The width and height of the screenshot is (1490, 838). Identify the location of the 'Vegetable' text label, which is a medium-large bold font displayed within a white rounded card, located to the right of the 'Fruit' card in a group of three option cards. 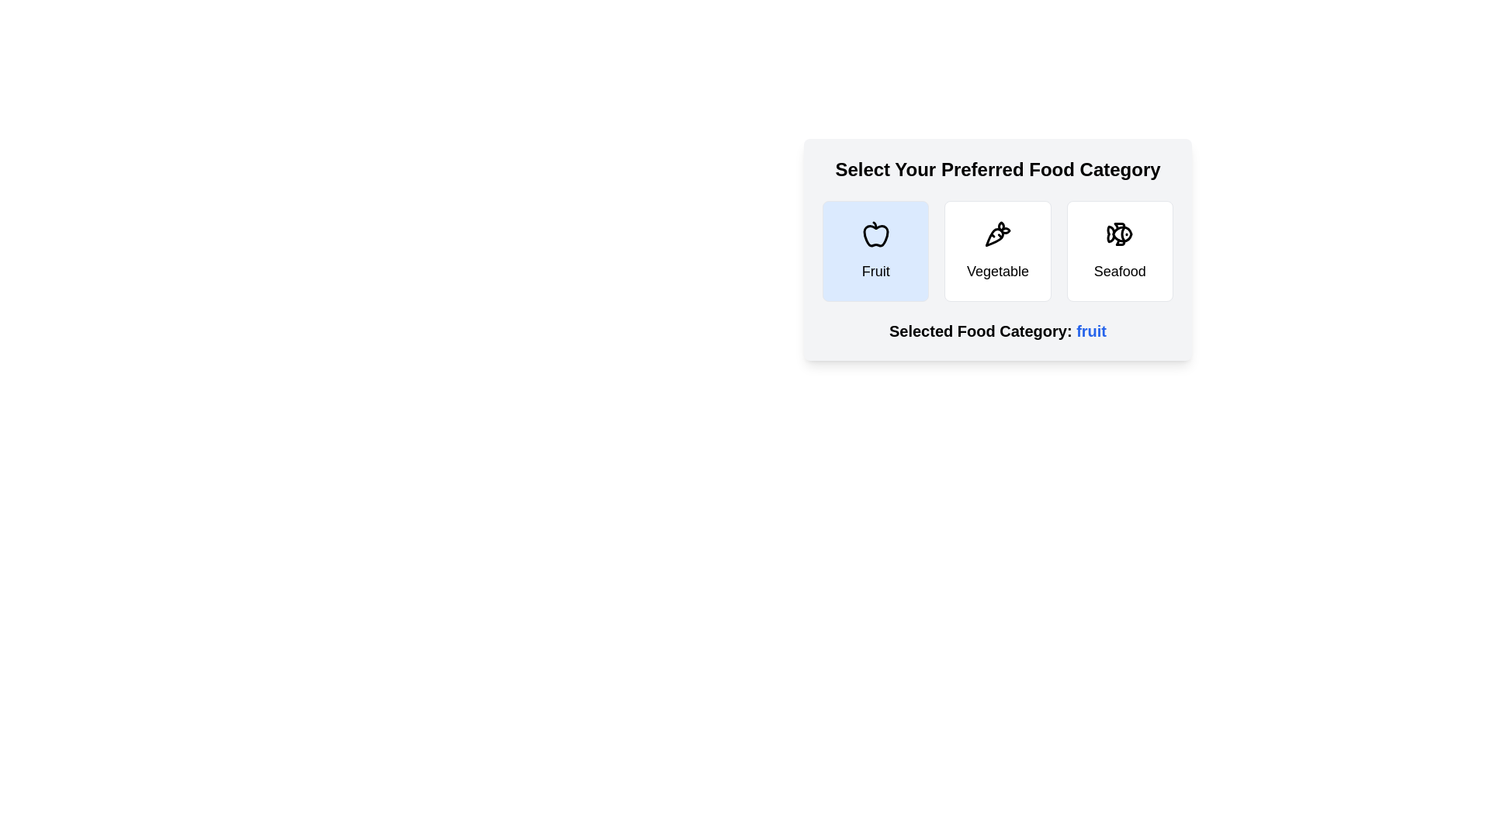
(998, 271).